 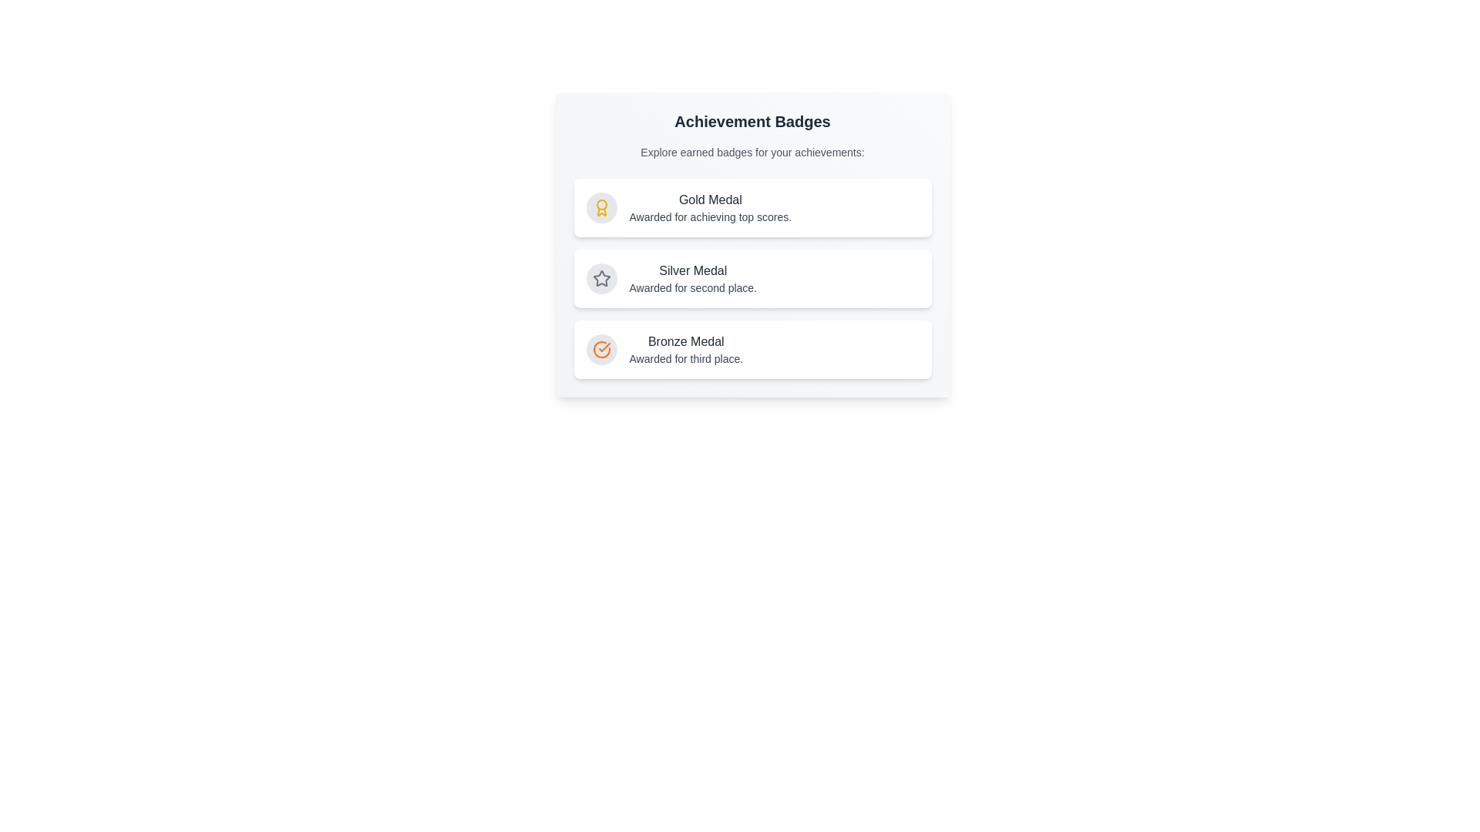 What do you see at coordinates (600, 350) in the screenshot?
I see `the circular orange icon with a check mark, representing the bronze medal, located in the third position of a vertically stacked list of achievement badges` at bounding box center [600, 350].